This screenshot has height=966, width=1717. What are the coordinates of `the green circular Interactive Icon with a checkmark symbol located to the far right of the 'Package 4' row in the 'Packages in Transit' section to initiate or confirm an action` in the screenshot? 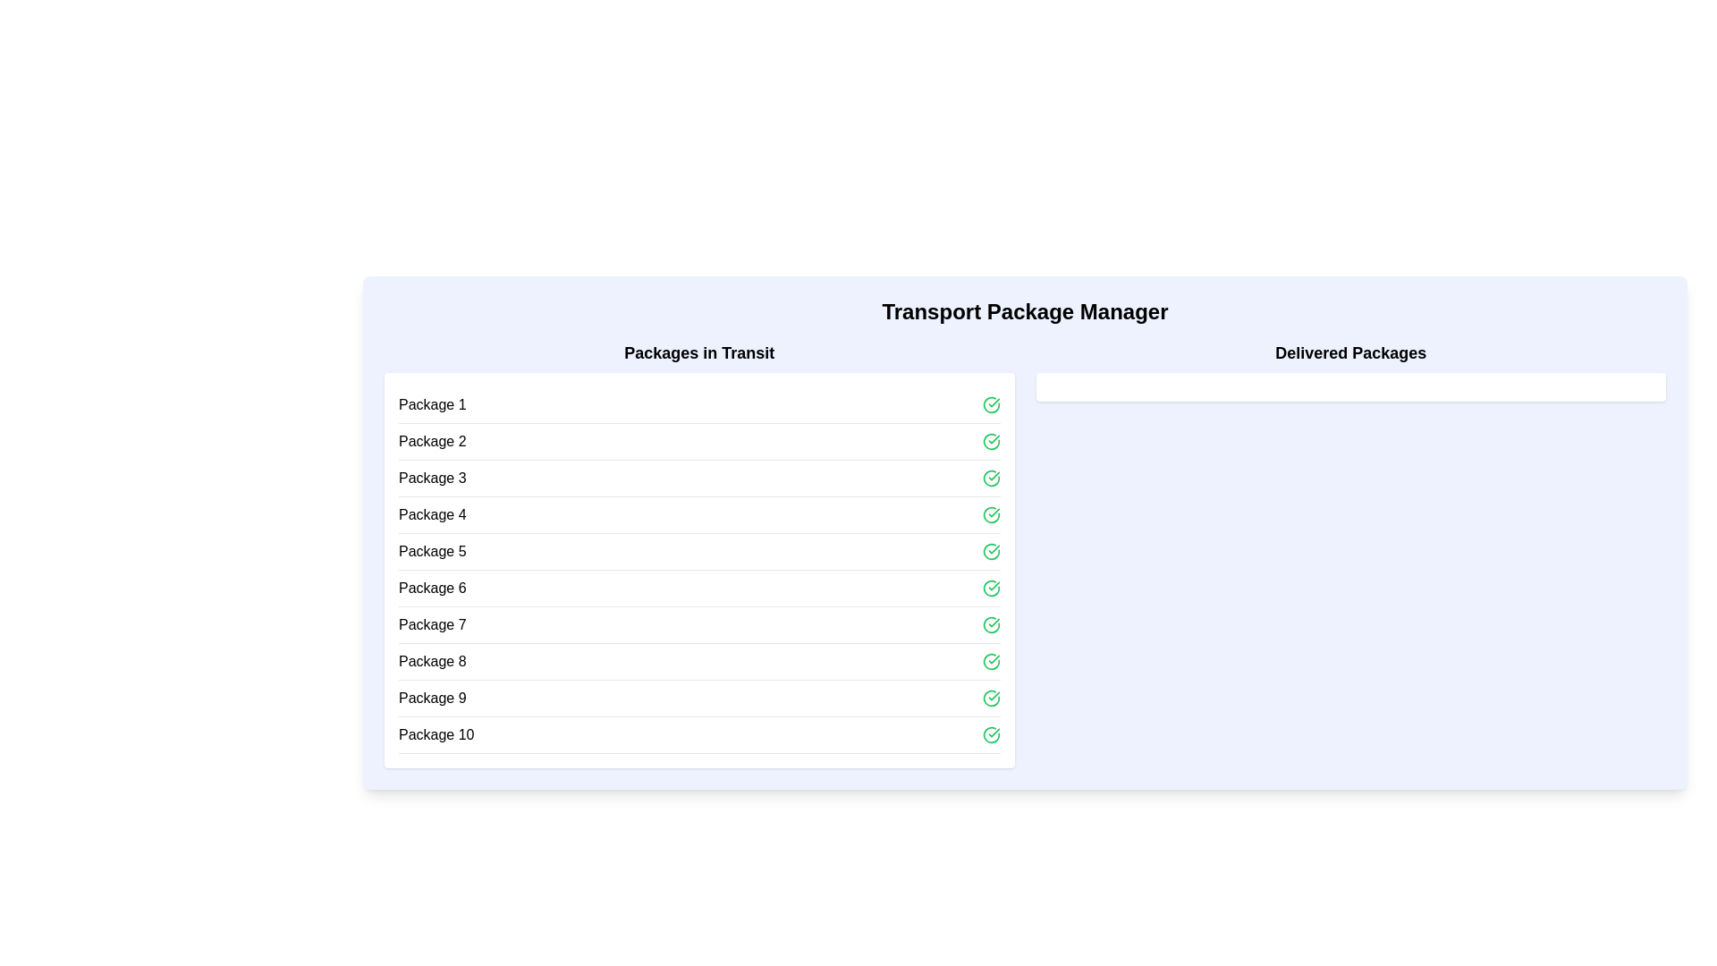 It's located at (990, 514).